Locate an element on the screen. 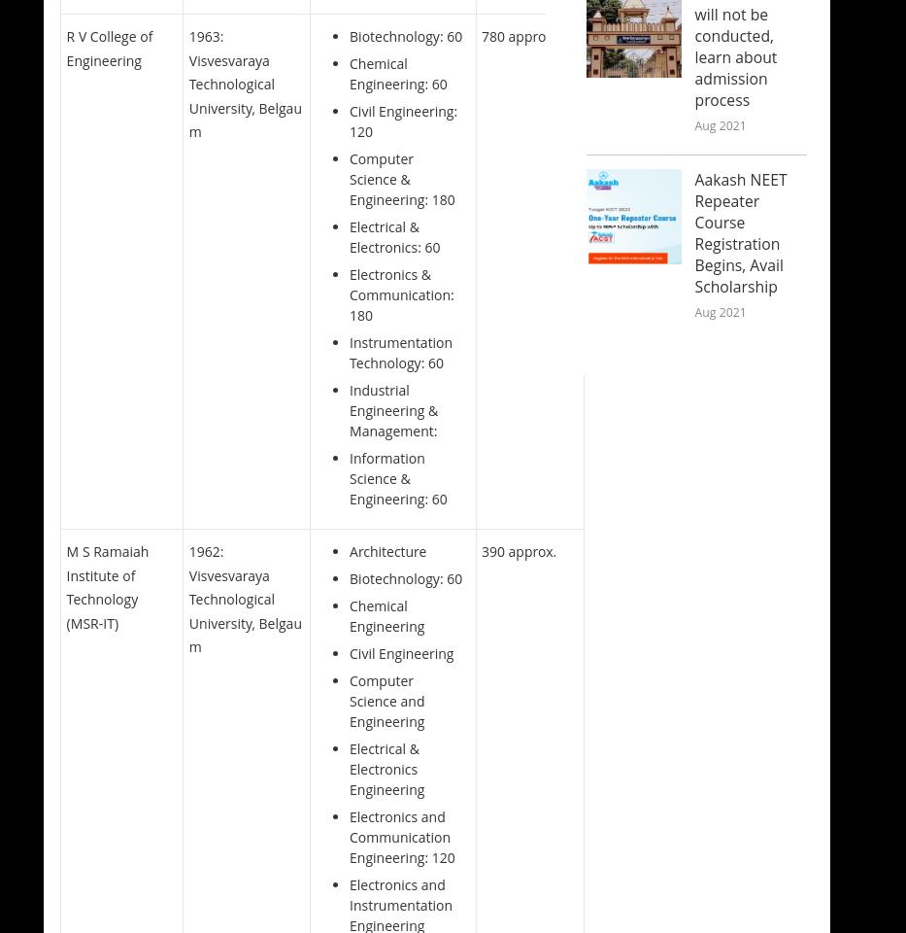 This screenshot has height=933, width=906. 'Aakash NEET Repeater Course Registration Begins, Avail Scholarship' is located at coordinates (739, 233).